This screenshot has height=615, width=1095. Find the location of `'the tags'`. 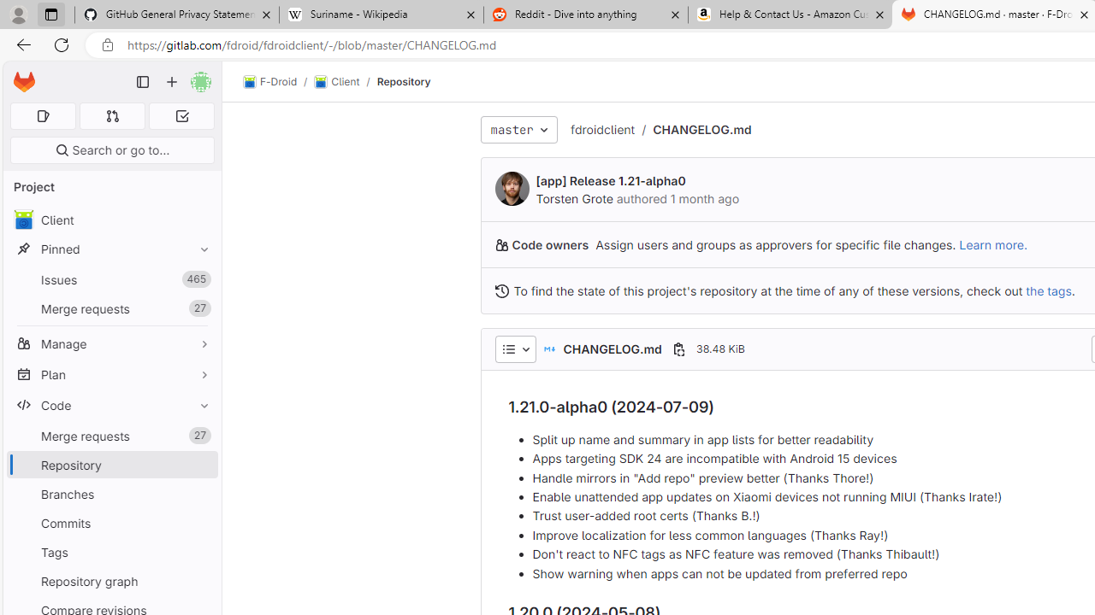

'the tags' is located at coordinates (1048, 290).